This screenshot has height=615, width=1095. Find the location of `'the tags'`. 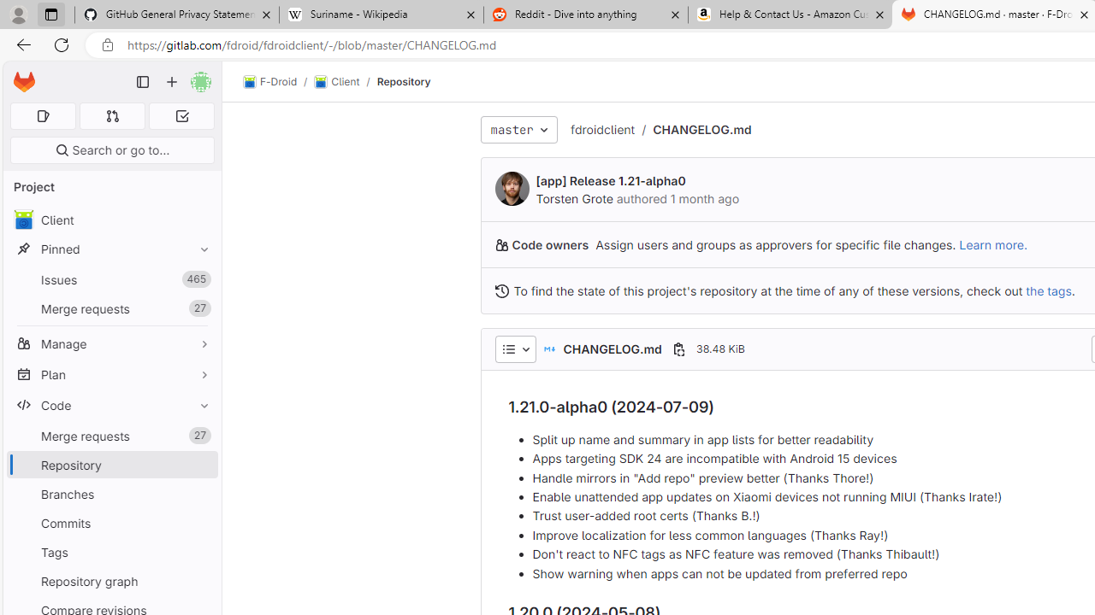

'the tags' is located at coordinates (1048, 290).